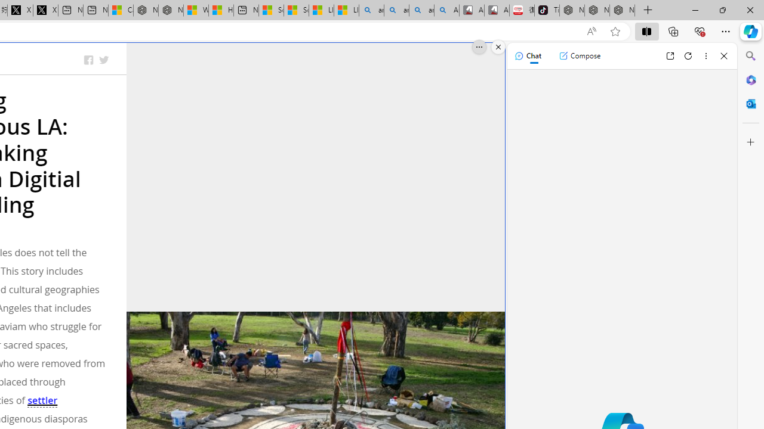  Describe the element at coordinates (706, 55) in the screenshot. I see `'More options'` at that location.